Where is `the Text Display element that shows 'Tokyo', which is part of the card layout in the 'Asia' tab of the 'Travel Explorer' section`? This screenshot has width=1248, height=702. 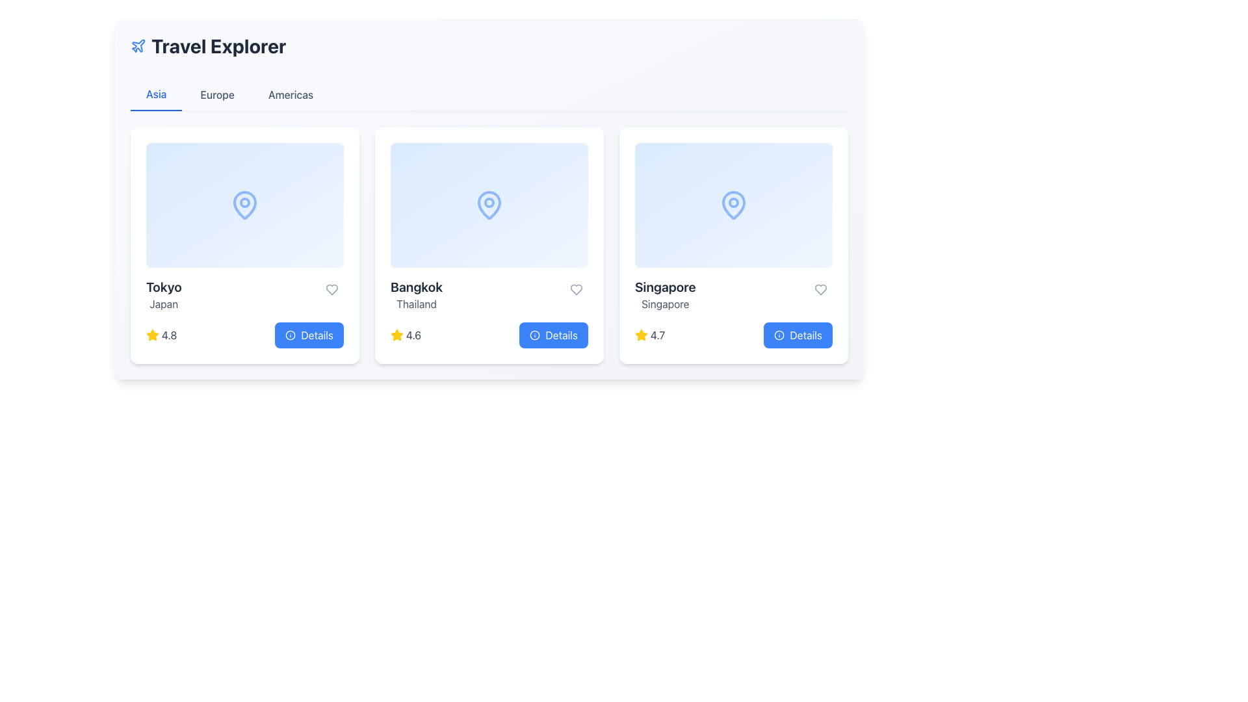
the Text Display element that shows 'Tokyo', which is part of the card layout in the 'Asia' tab of the 'Travel Explorer' section is located at coordinates (163, 287).